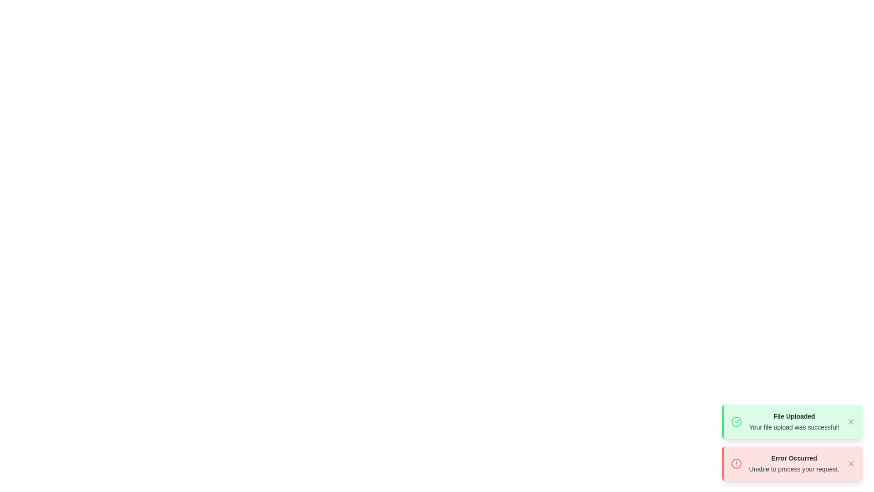 The width and height of the screenshot is (874, 492). What do you see at coordinates (736, 421) in the screenshot?
I see `the visual indicator icon representing a completed or successful action located at the leftmost part of the notification panel for 'File Uploaded'` at bounding box center [736, 421].